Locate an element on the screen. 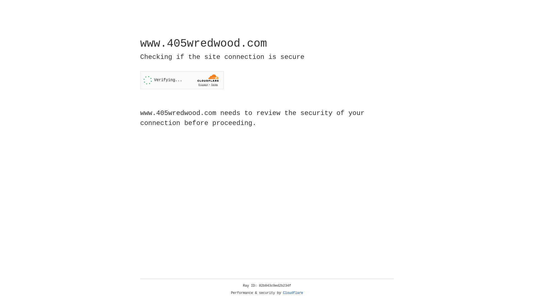 The width and height of the screenshot is (534, 300). 'Cloudflare' is located at coordinates (293, 293).